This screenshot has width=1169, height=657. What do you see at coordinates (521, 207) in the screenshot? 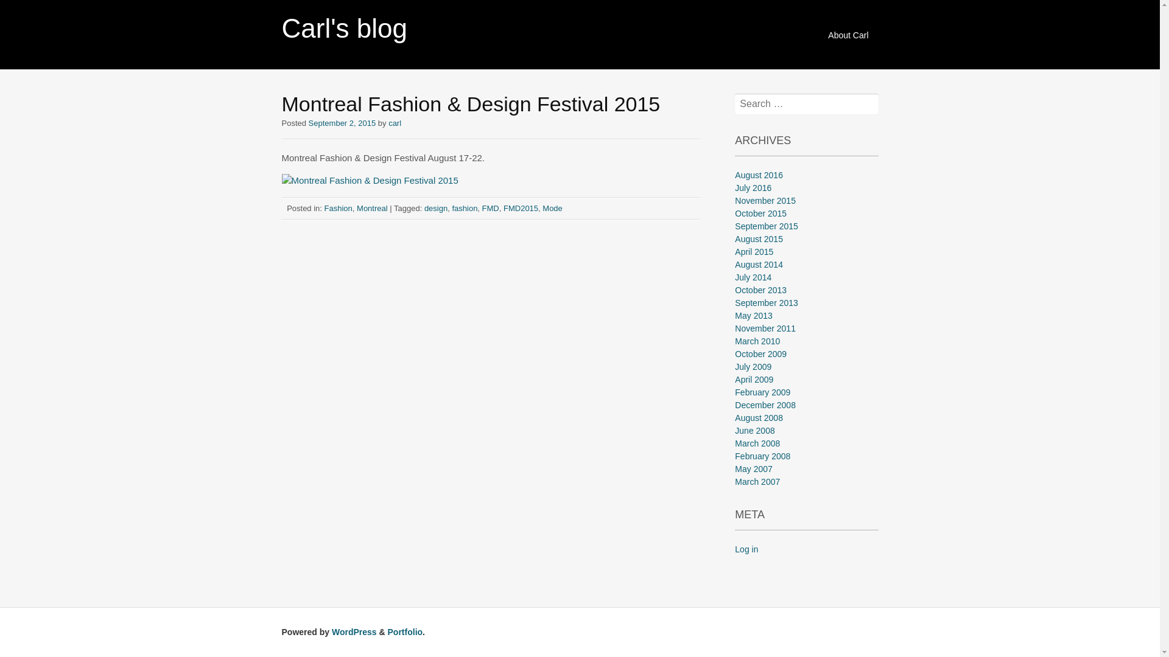
I see `'FMD2015'` at bounding box center [521, 207].